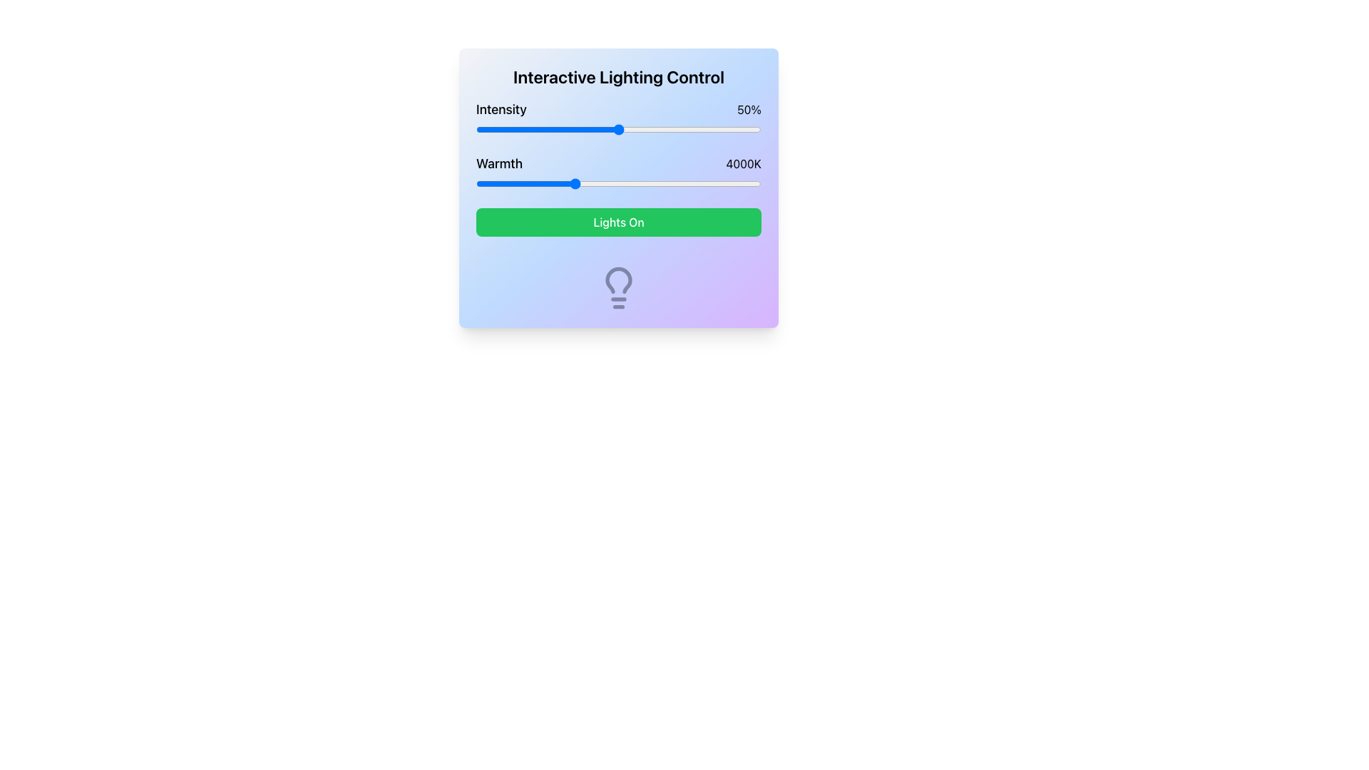 The height and width of the screenshot is (770, 1369). I want to click on warmth, so click(573, 183).